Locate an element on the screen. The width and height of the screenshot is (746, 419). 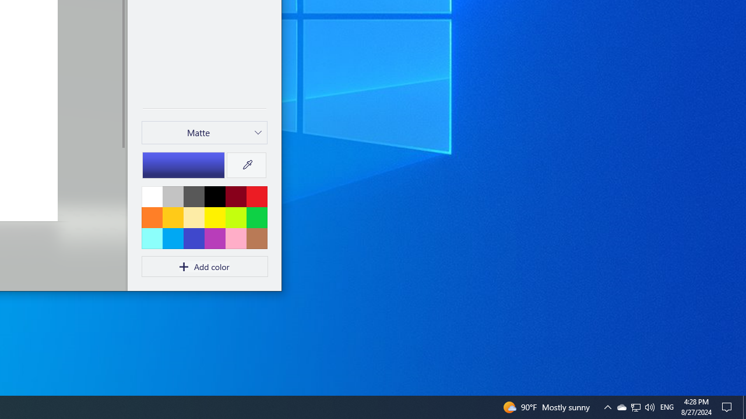
'Add color' is located at coordinates (205, 267).